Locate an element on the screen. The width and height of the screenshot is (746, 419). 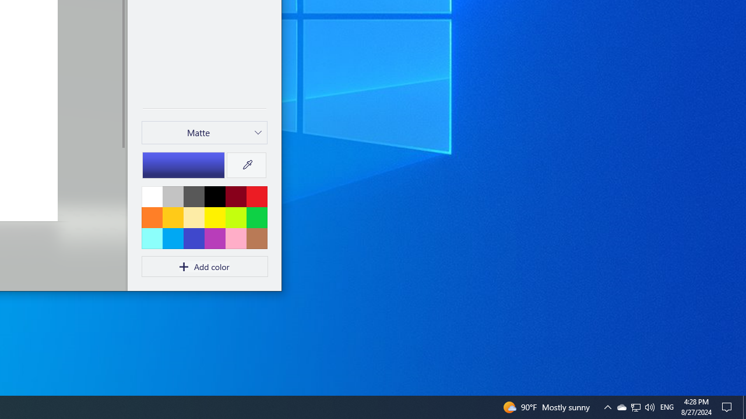
'Add color' is located at coordinates (205, 267).